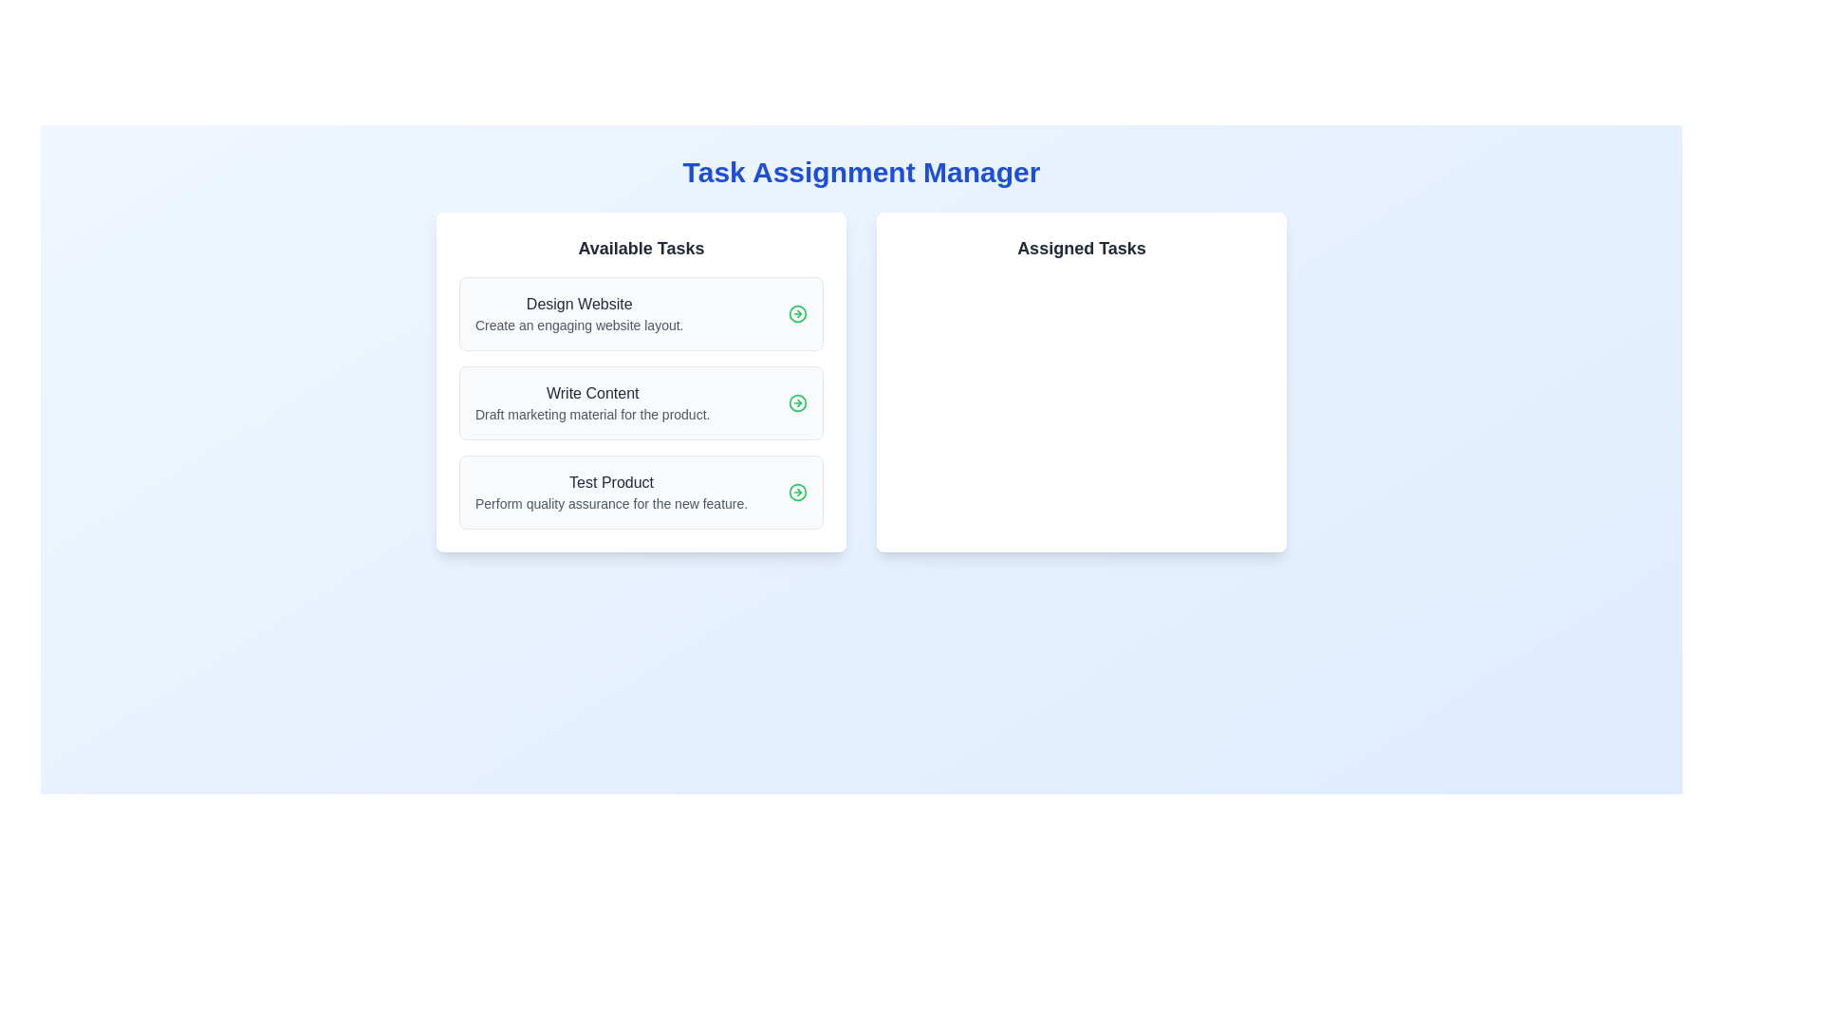 Image resolution: width=1822 pixels, height=1025 pixels. I want to click on the circular icon button with a rightward arrow and green outline, located beside the 'Write Content' text, so click(797, 401).